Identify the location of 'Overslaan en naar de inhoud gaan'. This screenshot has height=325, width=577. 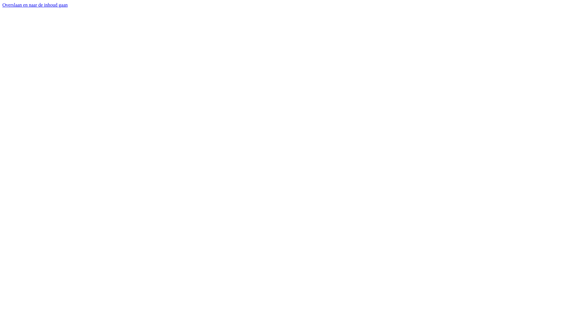
(35, 5).